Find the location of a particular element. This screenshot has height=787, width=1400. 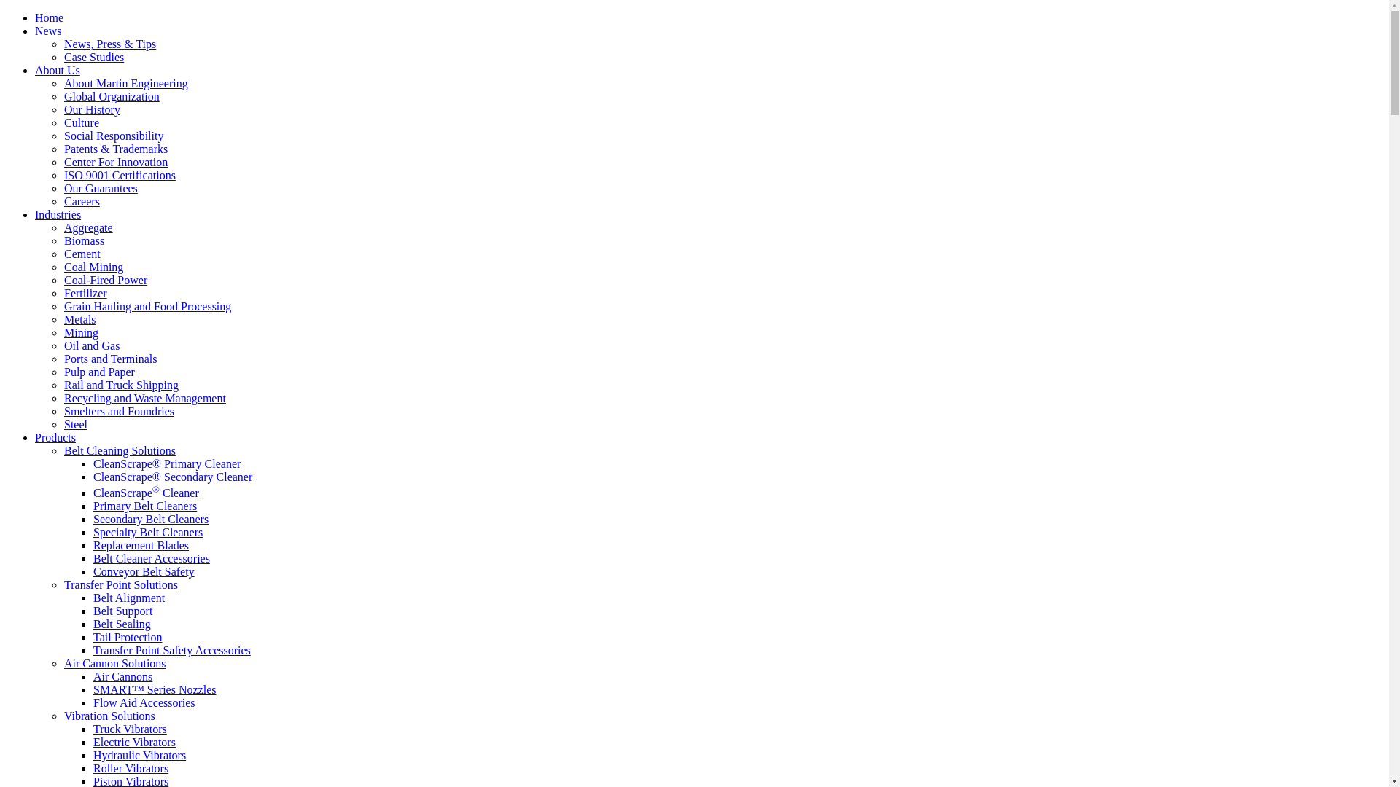

'Culture' is located at coordinates (80, 122).